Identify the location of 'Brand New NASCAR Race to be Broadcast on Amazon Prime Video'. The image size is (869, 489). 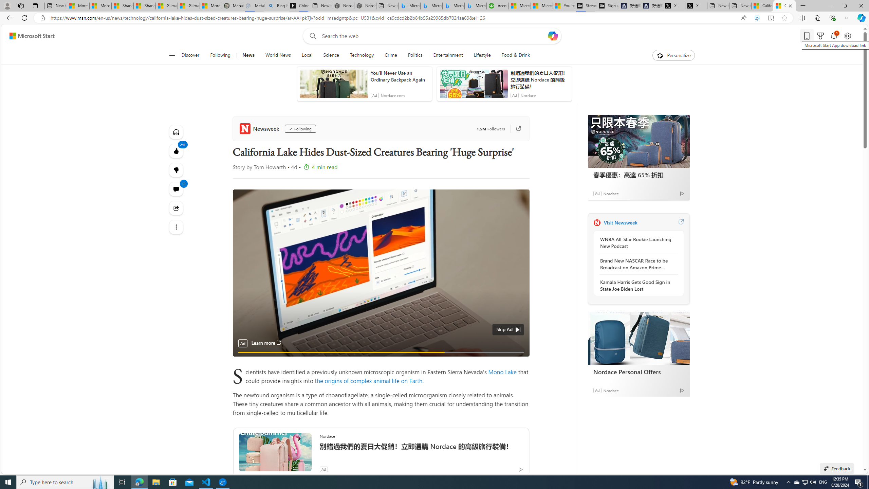
(636, 264).